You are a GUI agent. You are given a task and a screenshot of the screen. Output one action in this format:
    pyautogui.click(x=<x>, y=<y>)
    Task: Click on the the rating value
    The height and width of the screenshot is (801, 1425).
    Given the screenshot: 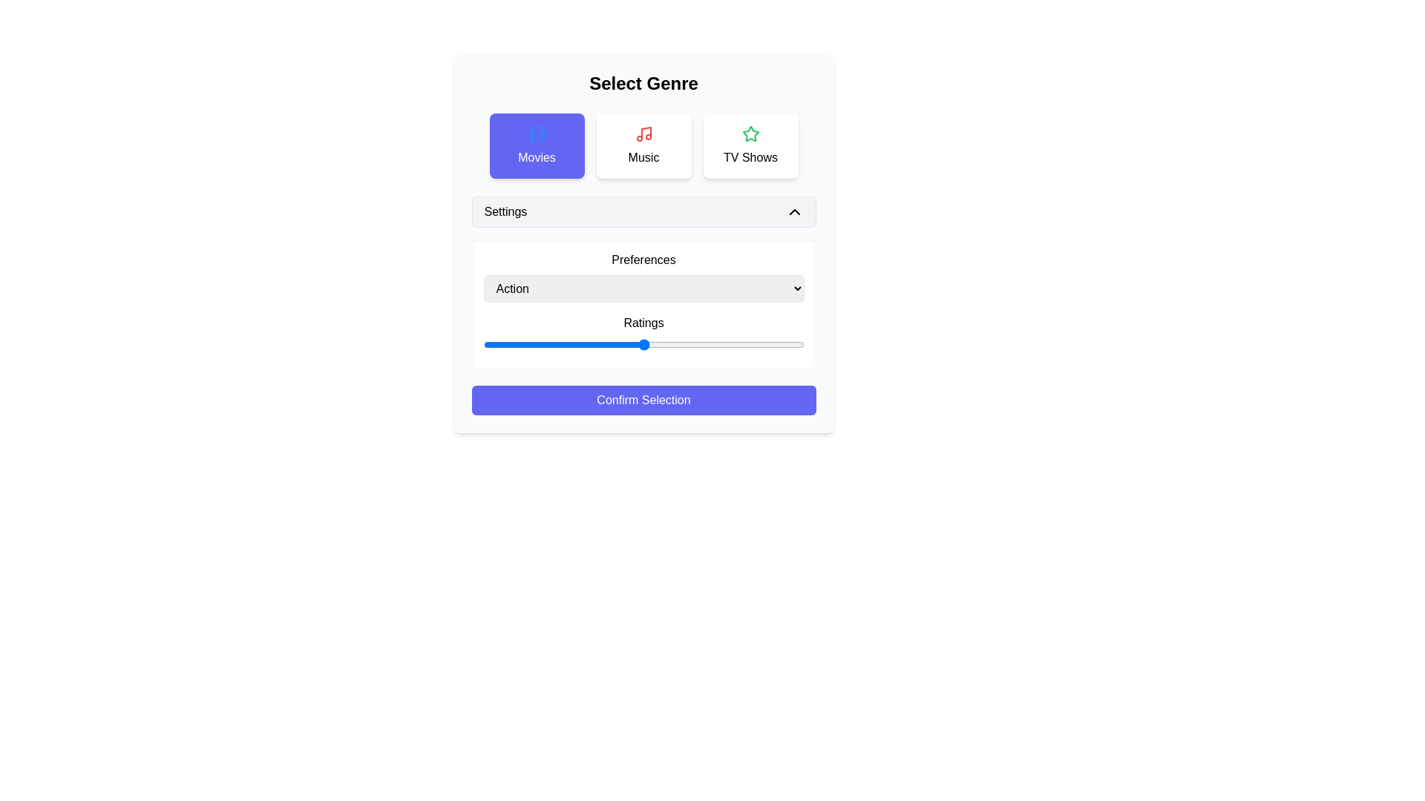 What is the action you would take?
    pyautogui.click(x=528, y=345)
    